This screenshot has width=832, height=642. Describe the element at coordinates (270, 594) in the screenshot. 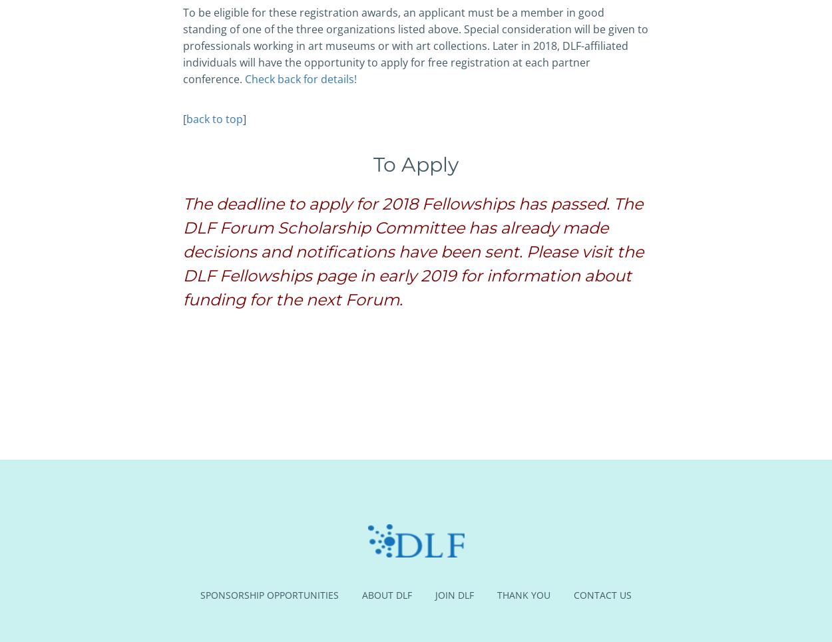

I see `'Sponsorship Opportunities'` at that location.